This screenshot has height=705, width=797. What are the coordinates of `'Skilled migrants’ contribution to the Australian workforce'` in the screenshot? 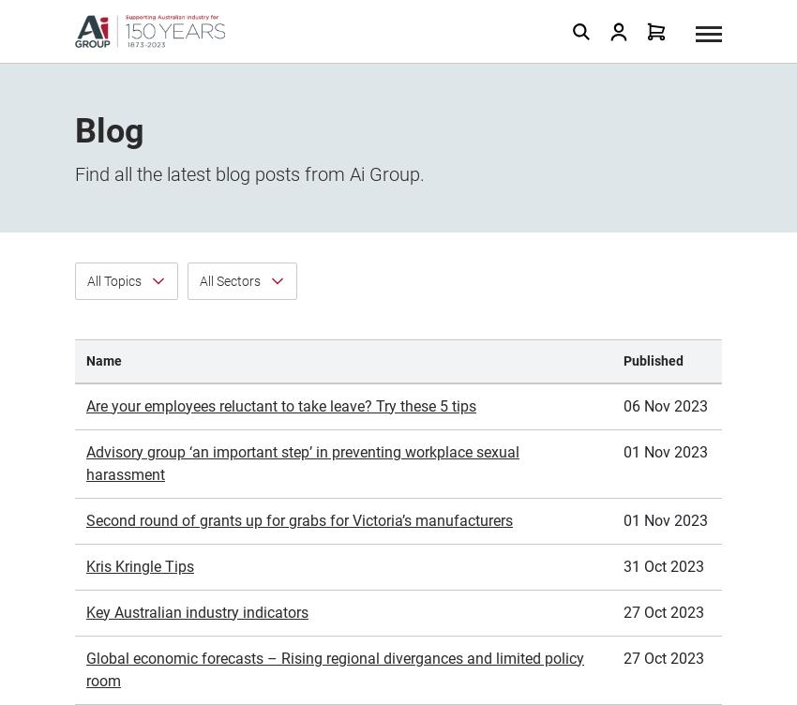 It's located at (84, 516).